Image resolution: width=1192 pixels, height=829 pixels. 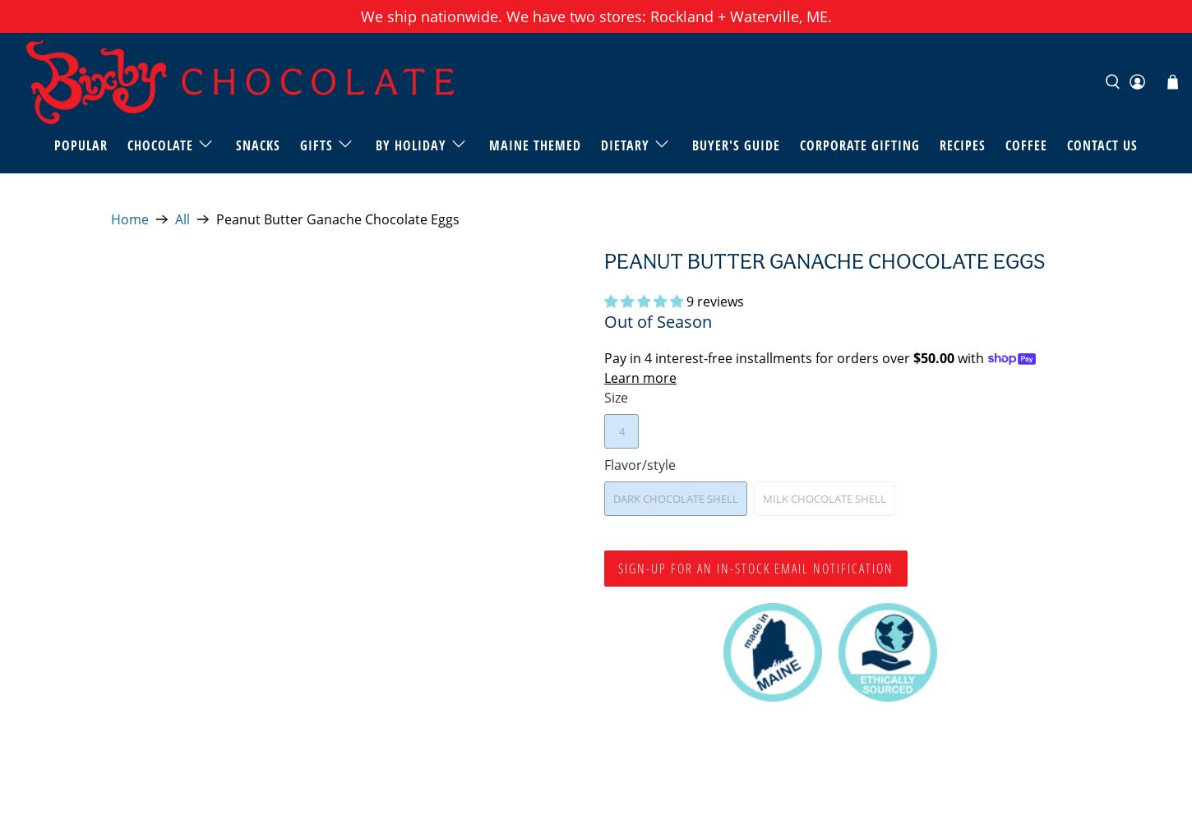 What do you see at coordinates (640, 464) in the screenshot?
I see `'Flavor/style'` at bounding box center [640, 464].